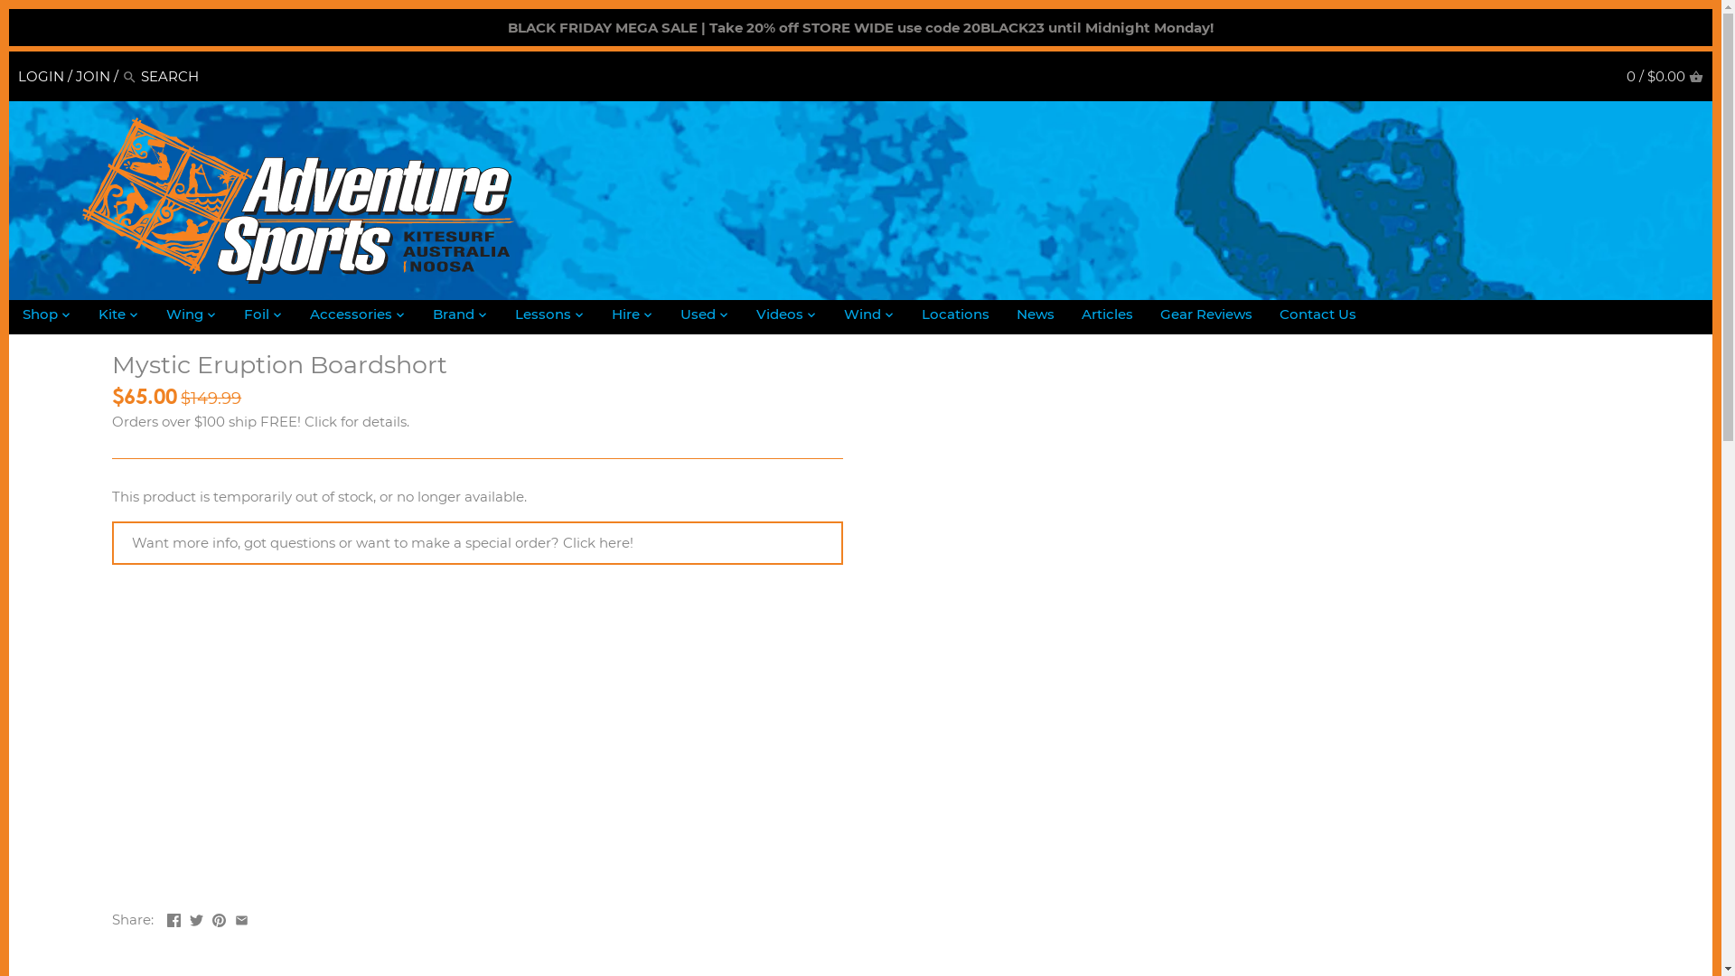 The height and width of the screenshot is (976, 1735). I want to click on 'Twitter', so click(196, 917).